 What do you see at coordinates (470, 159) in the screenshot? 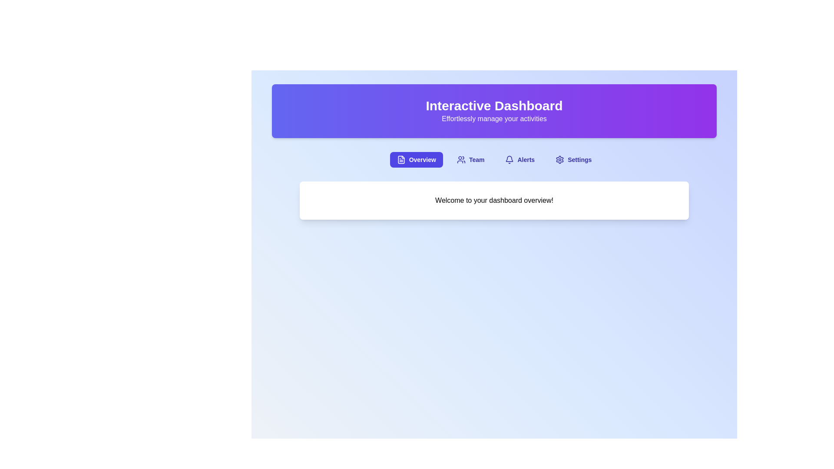
I see `the 'Team' button in the horizontal menu bar` at bounding box center [470, 159].